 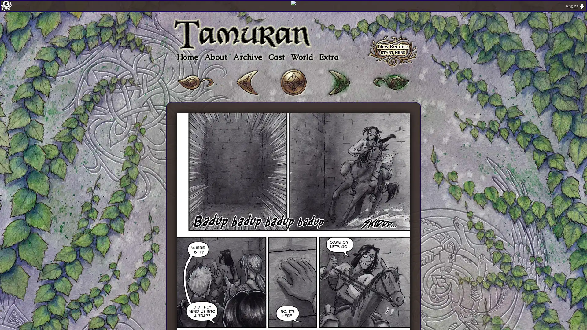 What do you see at coordinates (302, 57) in the screenshot?
I see `World` at bounding box center [302, 57].